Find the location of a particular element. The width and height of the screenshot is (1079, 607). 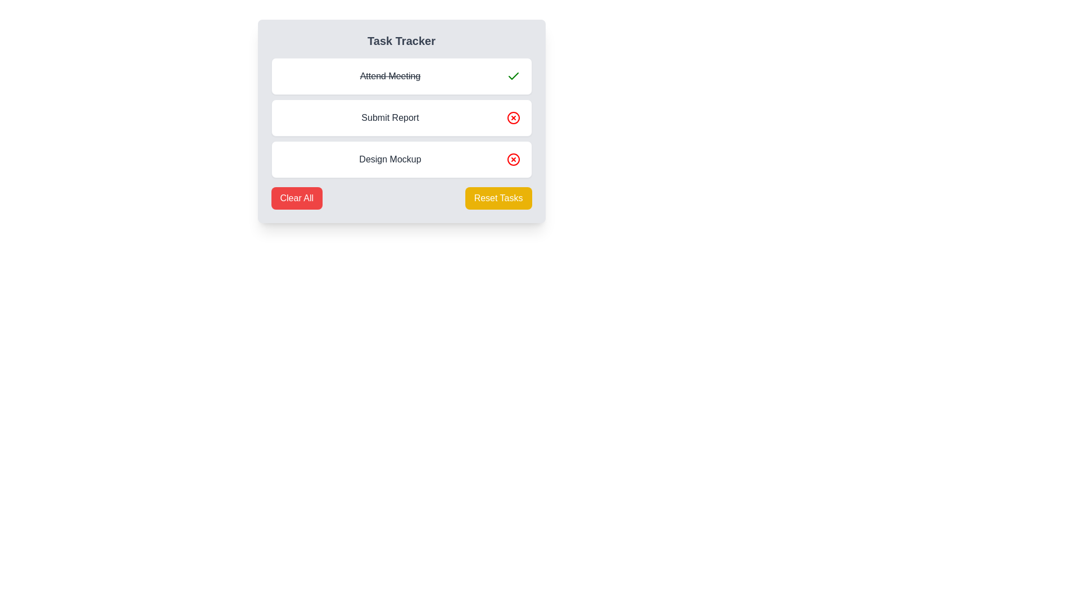

the green checkmark icon located at the top-right corner of the 'Attend Meeting' task field in the Task Tracker module is located at coordinates (513, 76).